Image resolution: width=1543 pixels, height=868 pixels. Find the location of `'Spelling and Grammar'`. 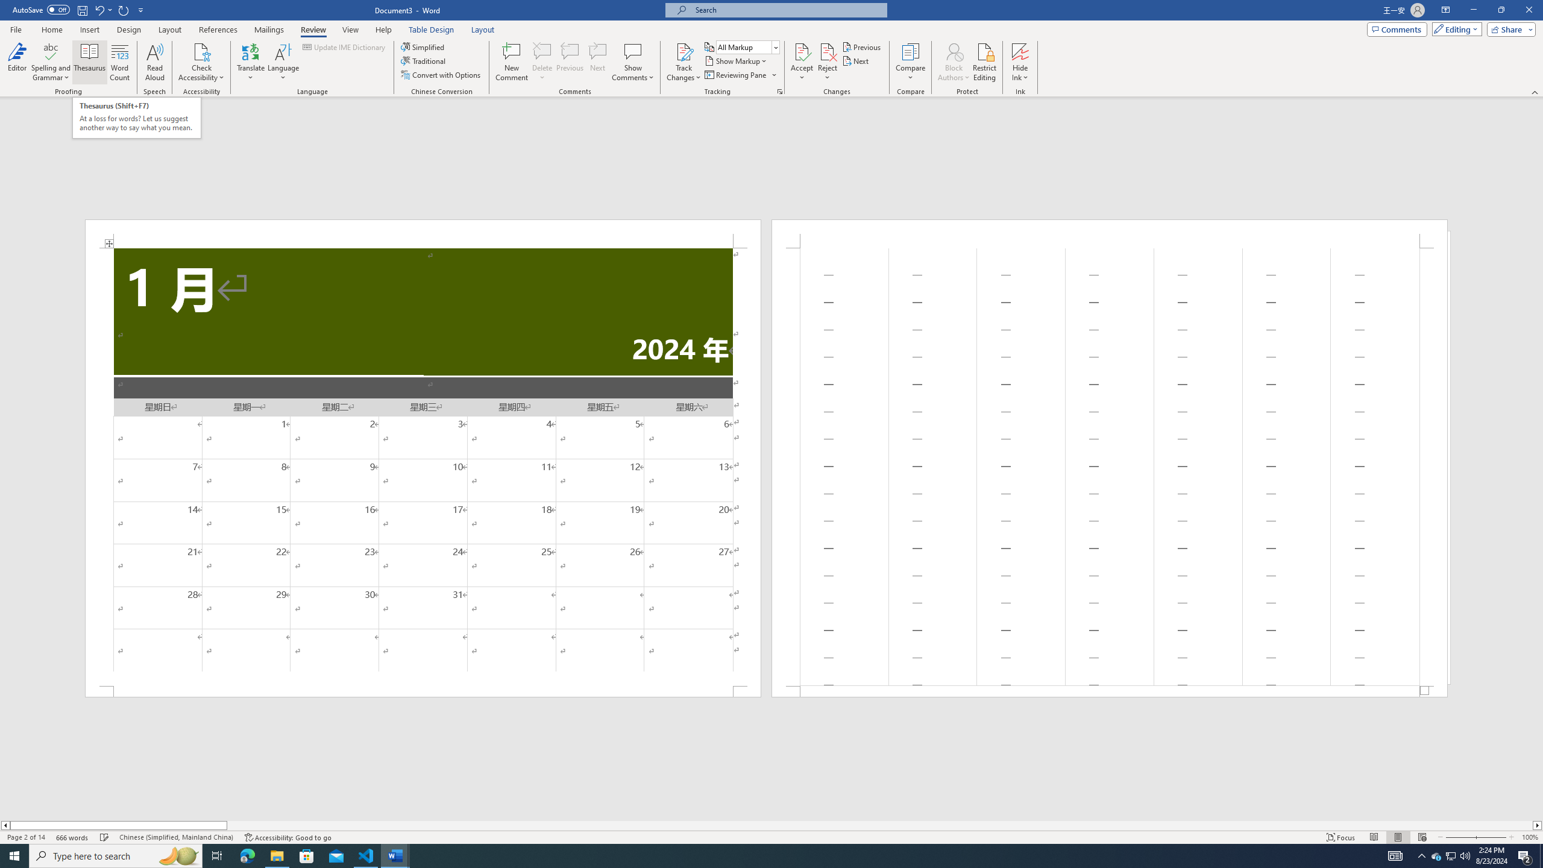

'Spelling and Grammar' is located at coordinates (51, 51).